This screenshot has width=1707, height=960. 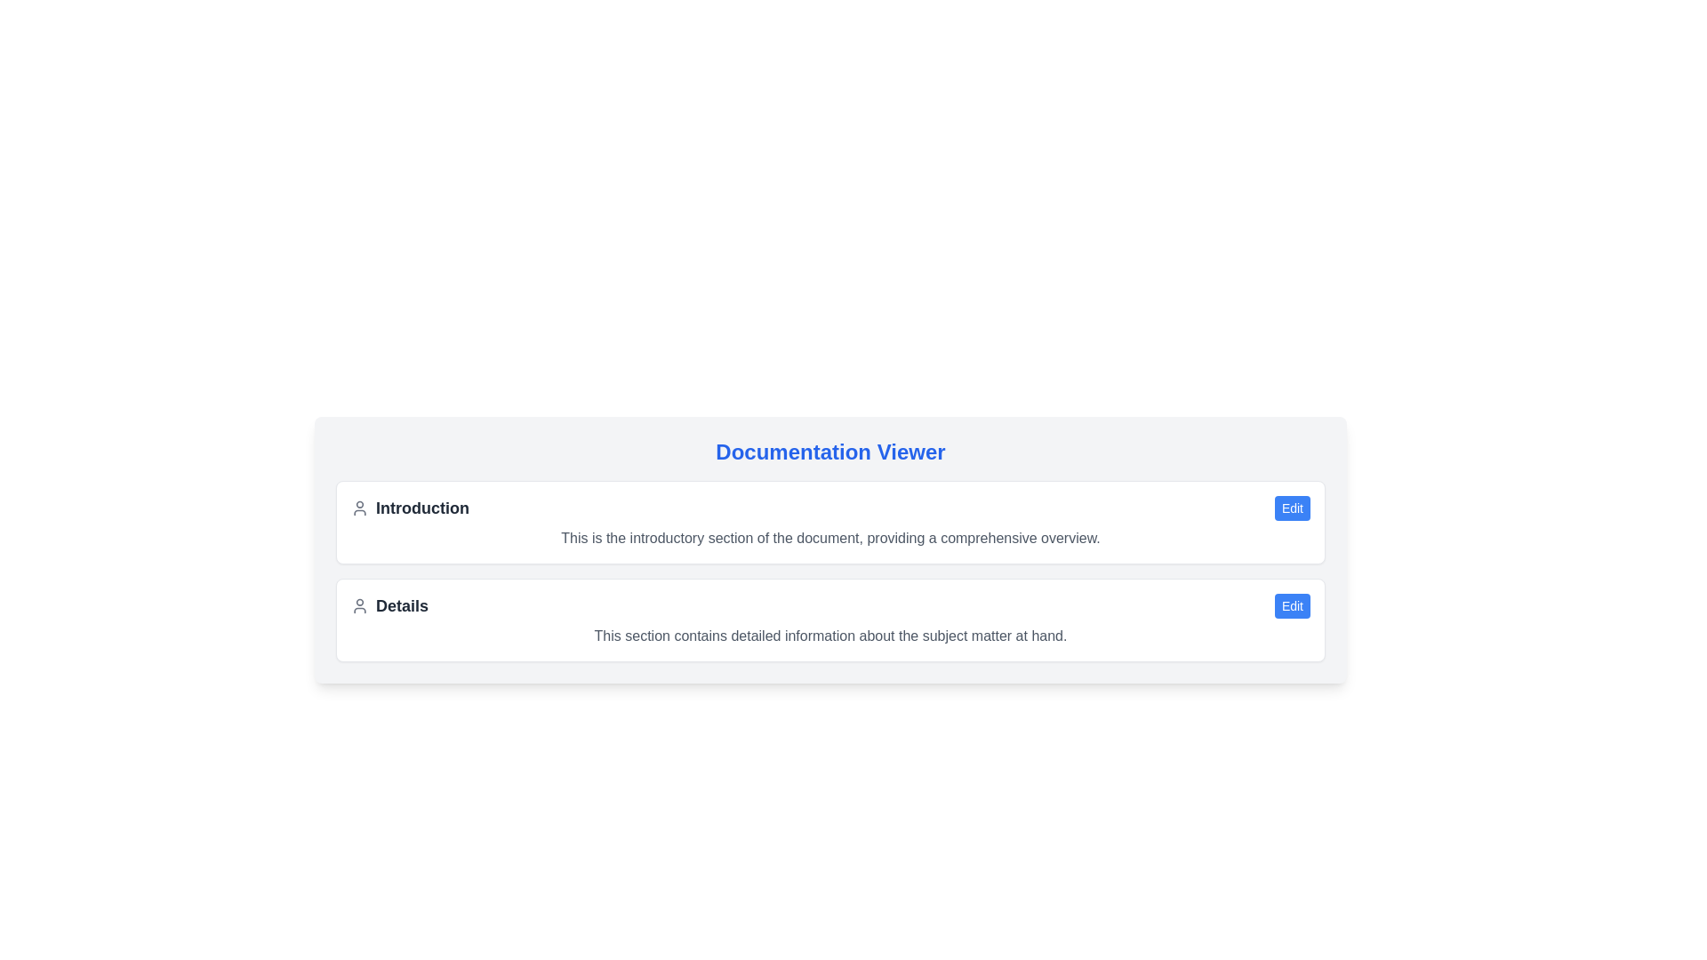 What do you see at coordinates (1293, 605) in the screenshot?
I see `the 'Edit' button located to the far right of the 'Details' section to initiate editing` at bounding box center [1293, 605].